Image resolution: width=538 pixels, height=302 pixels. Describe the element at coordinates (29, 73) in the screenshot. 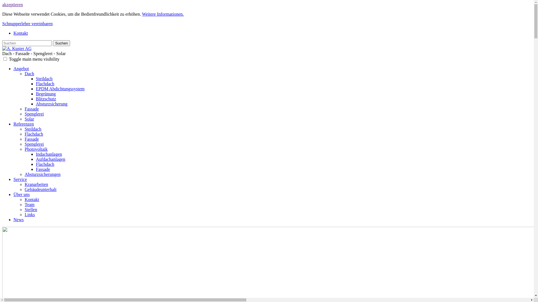

I see `'Dach'` at that location.